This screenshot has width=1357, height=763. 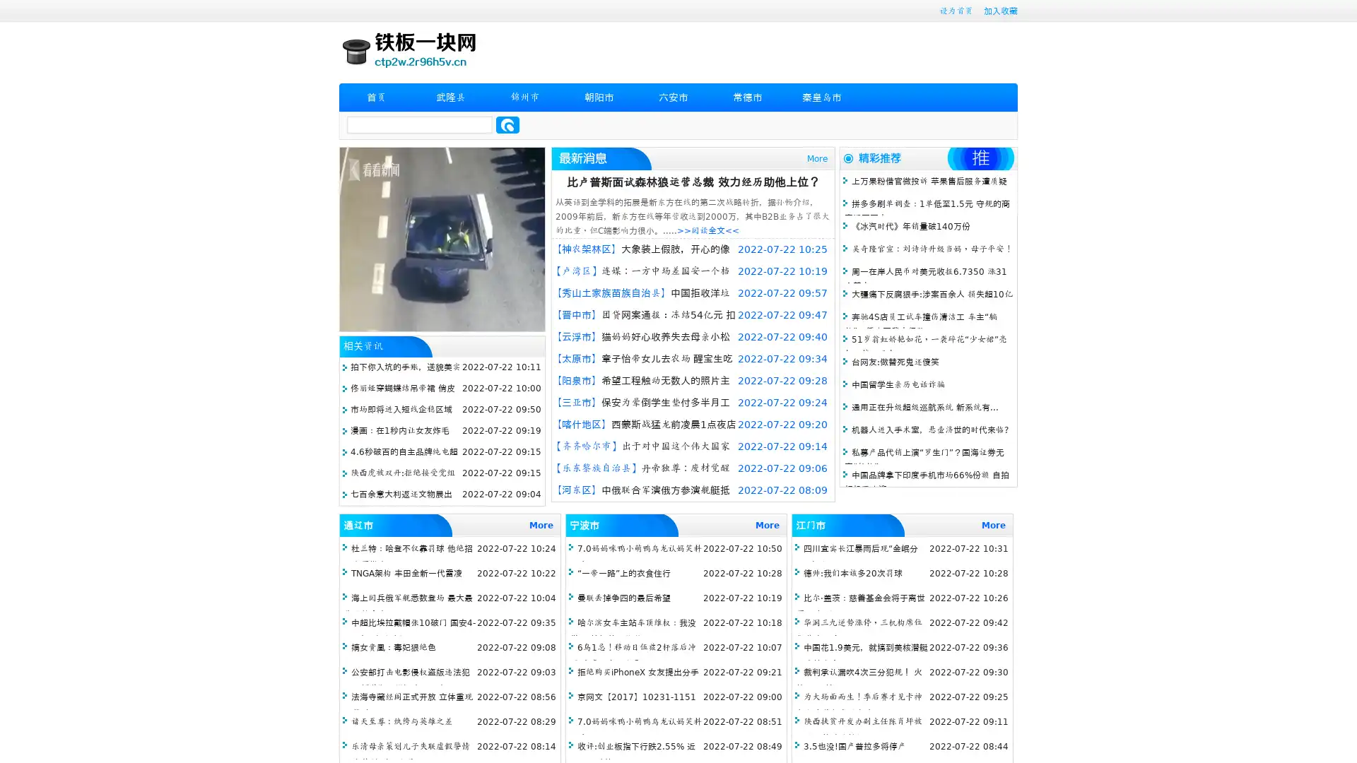 What do you see at coordinates (507, 124) in the screenshot?
I see `Search` at bounding box center [507, 124].